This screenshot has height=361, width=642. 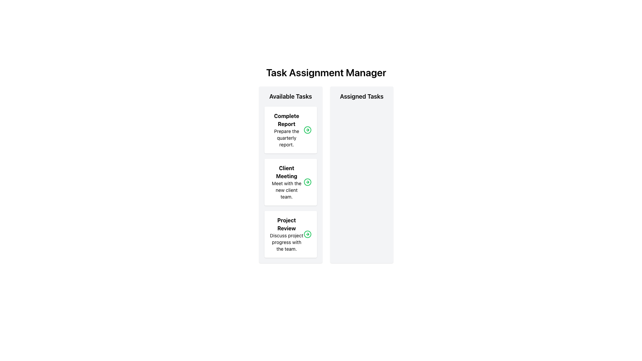 What do you see at coordinates (287, 224) in the screenshot?
I see `text label that serves as the title for the task item in the 'Available Tasks' column, specifically the third task card titled 'Project Review Discuss project progress with the team.'` at bounding box center [287, 224].